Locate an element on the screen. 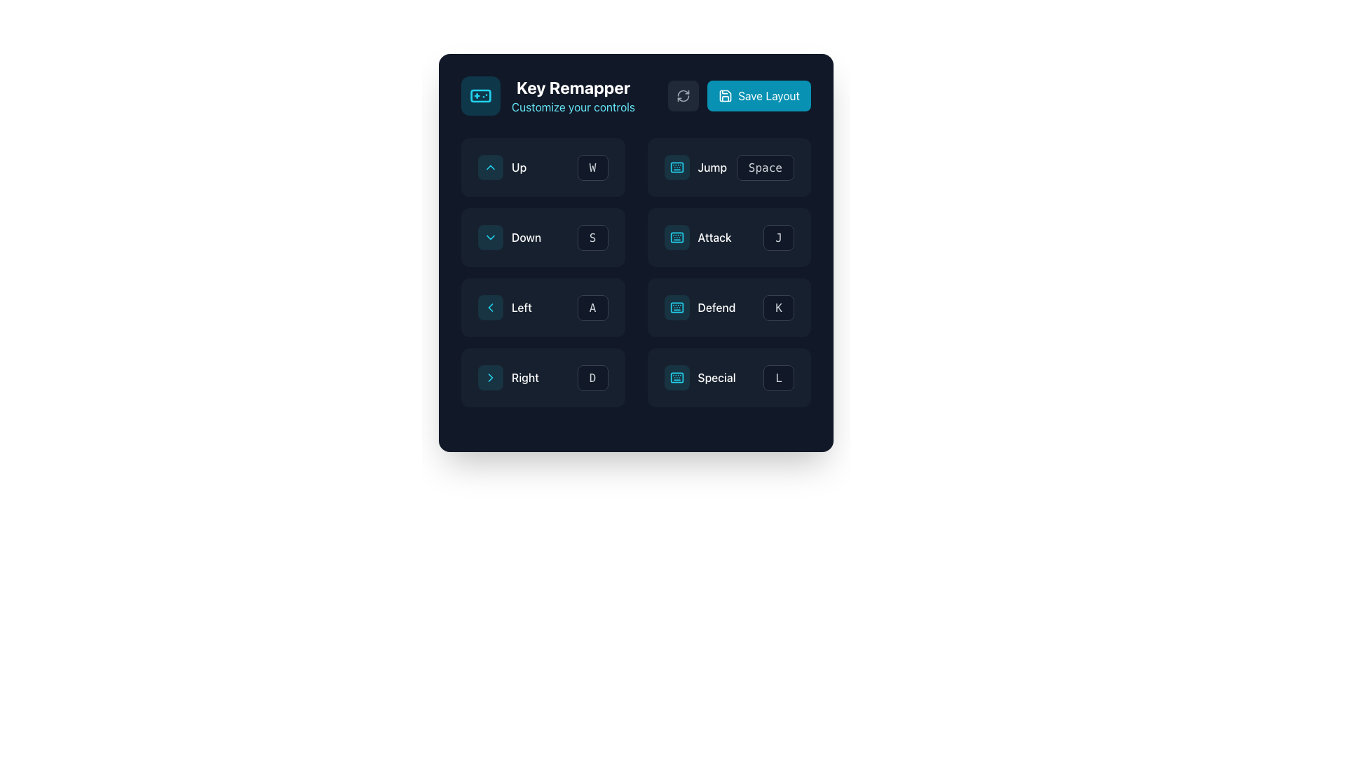  graphical icon part represented by the SVG rectangle component, which indicates keyboard functionality, located at the top-right corner of the interface is located at coordinates (677, 167).